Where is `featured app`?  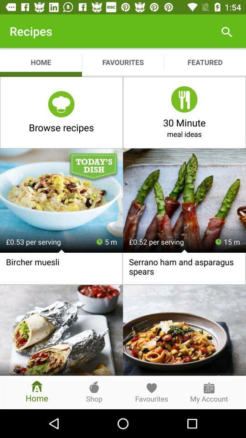 featured app is located at coordinates (205, 62).